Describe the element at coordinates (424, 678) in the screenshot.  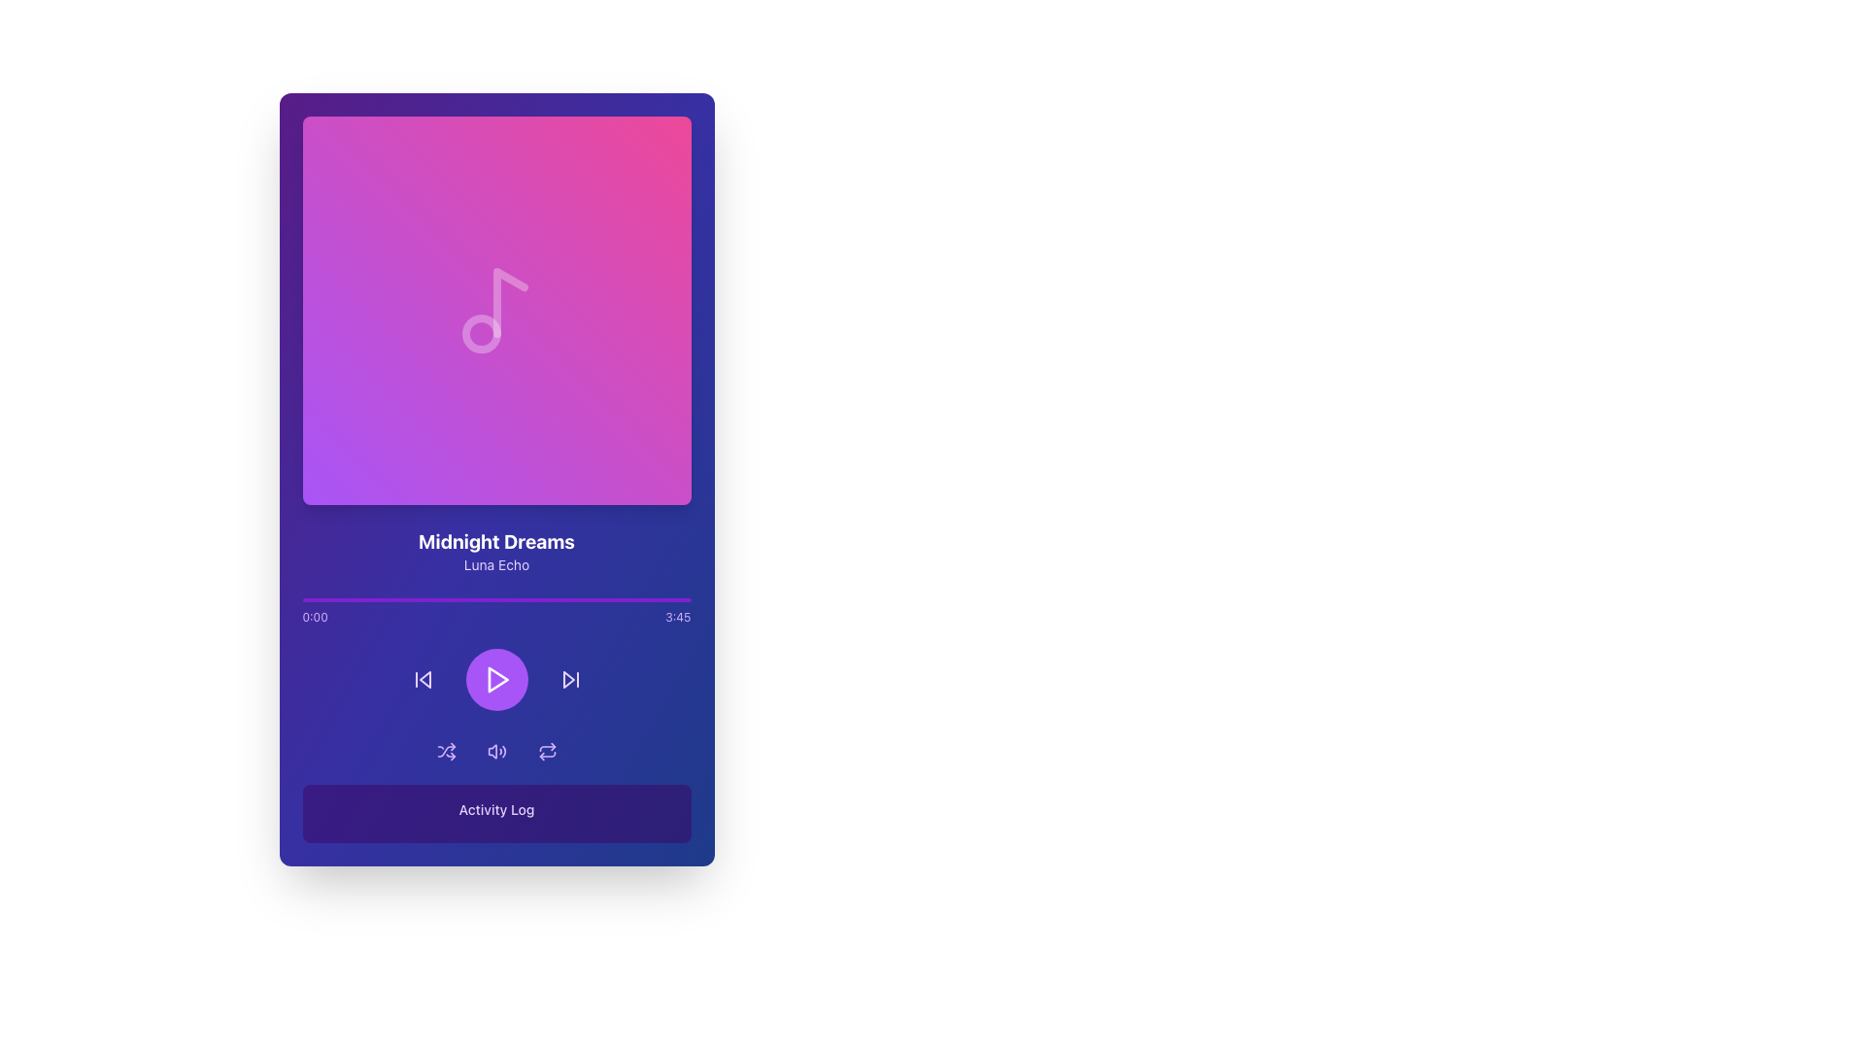
I see `the leftmost triangular arrow-like button in the music player interface` at that location.